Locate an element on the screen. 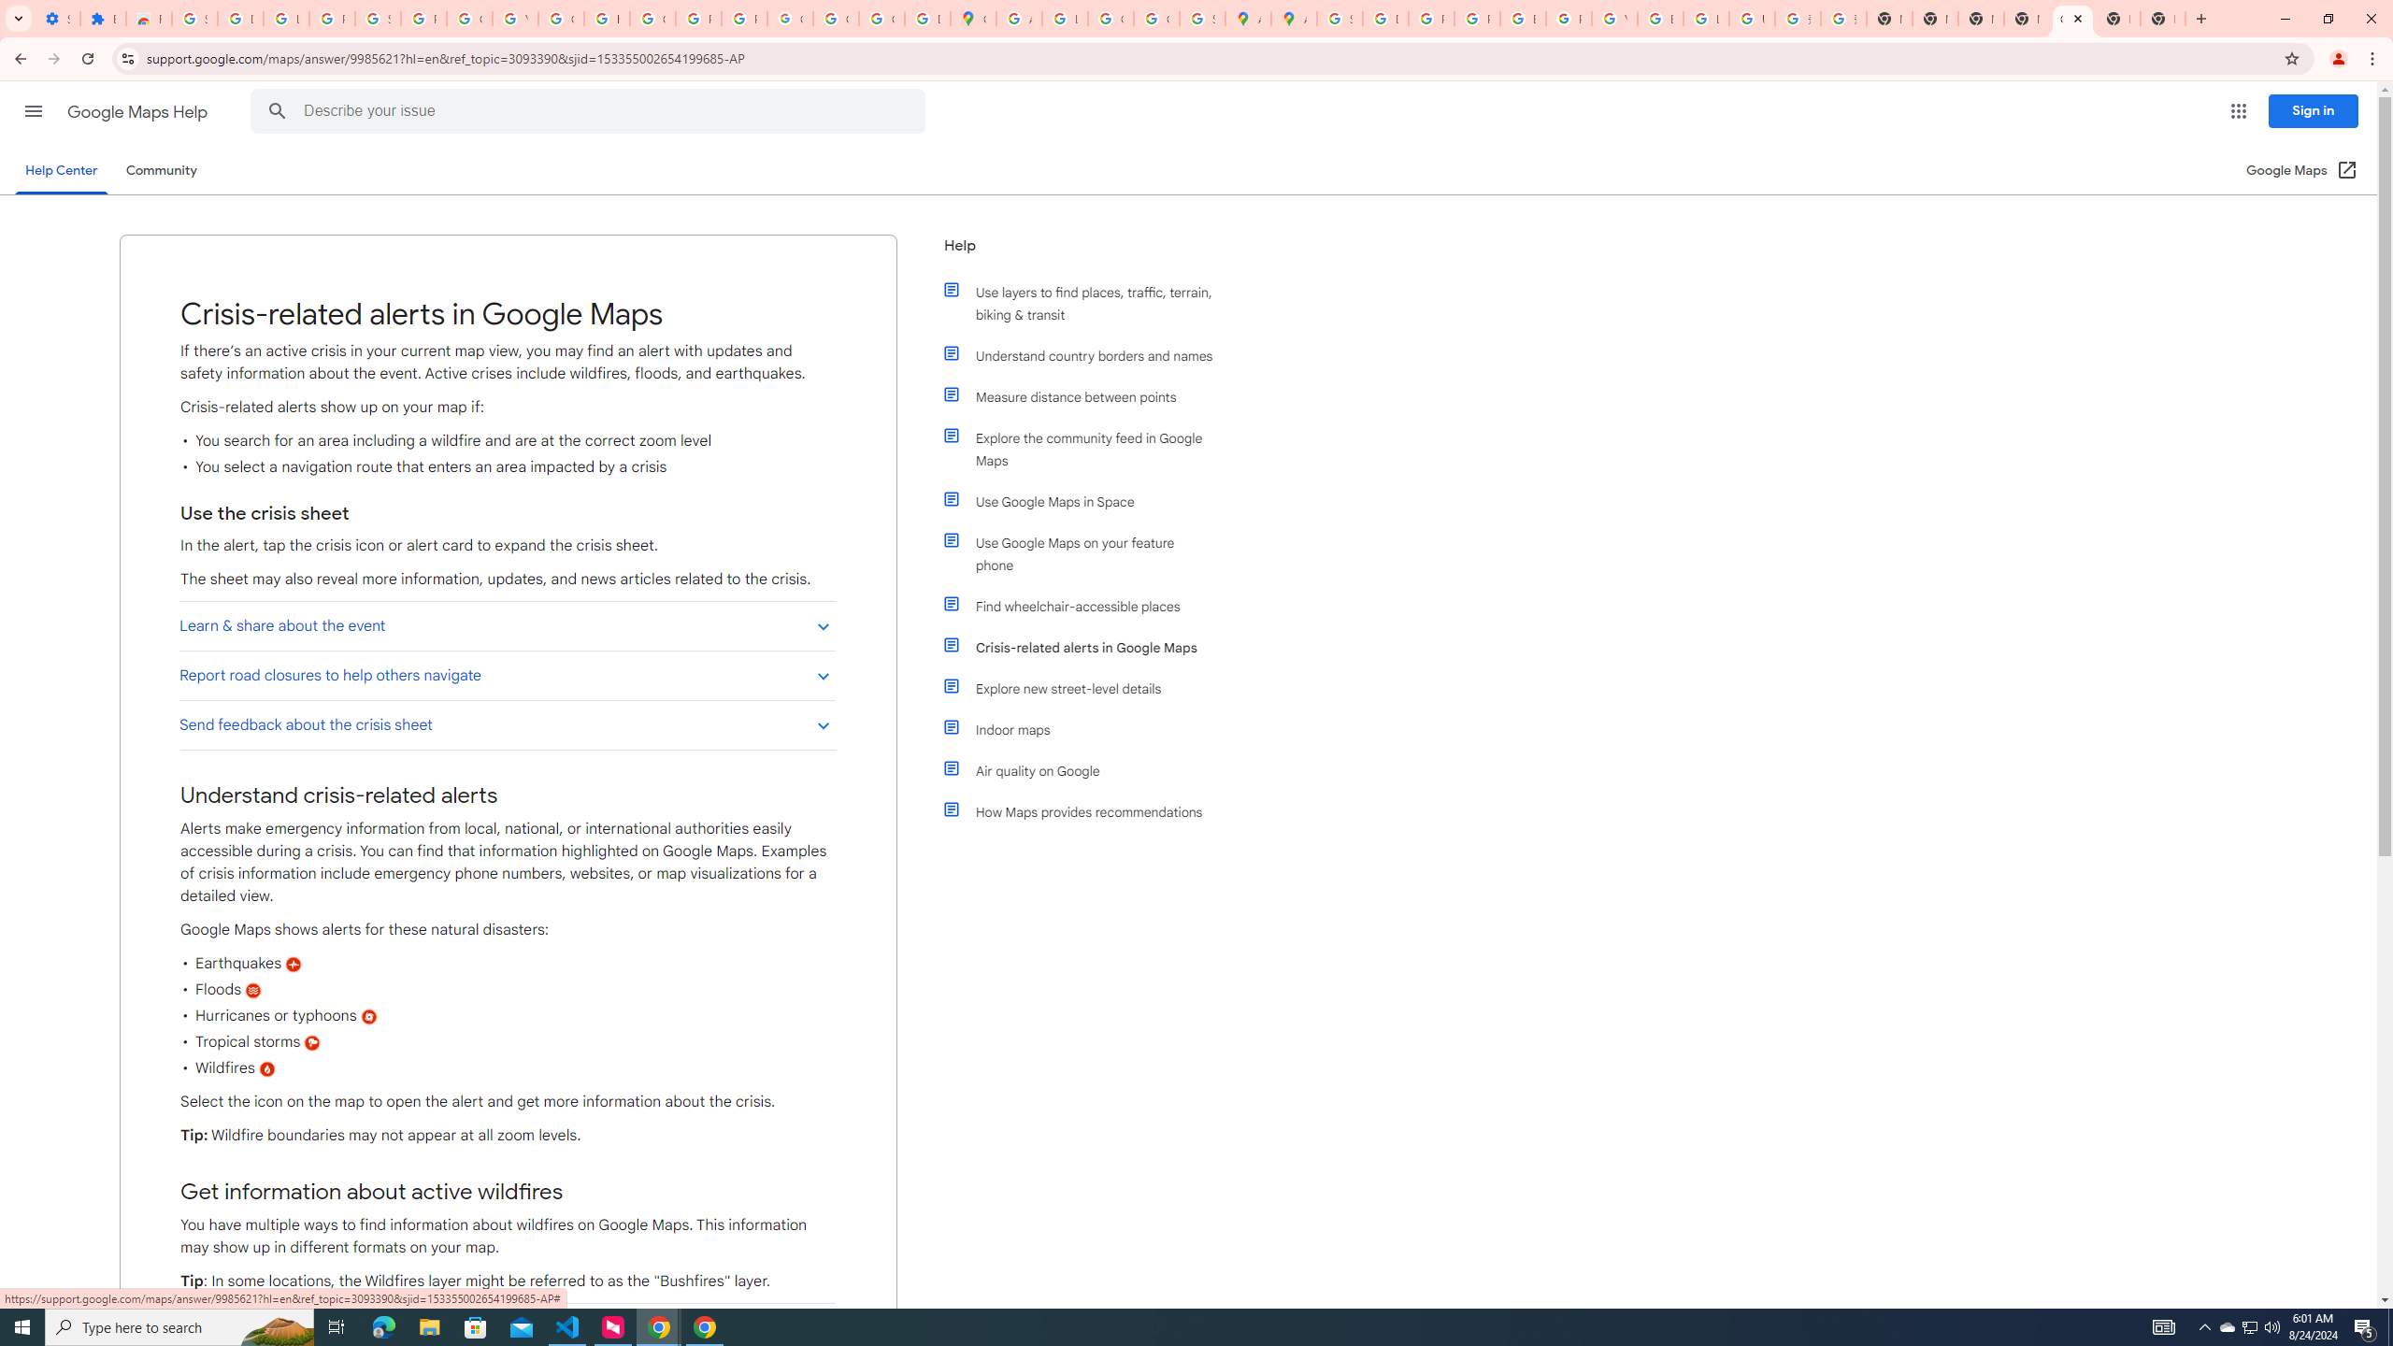  'Measure distance between points' is located at coordinates (1086, 396).